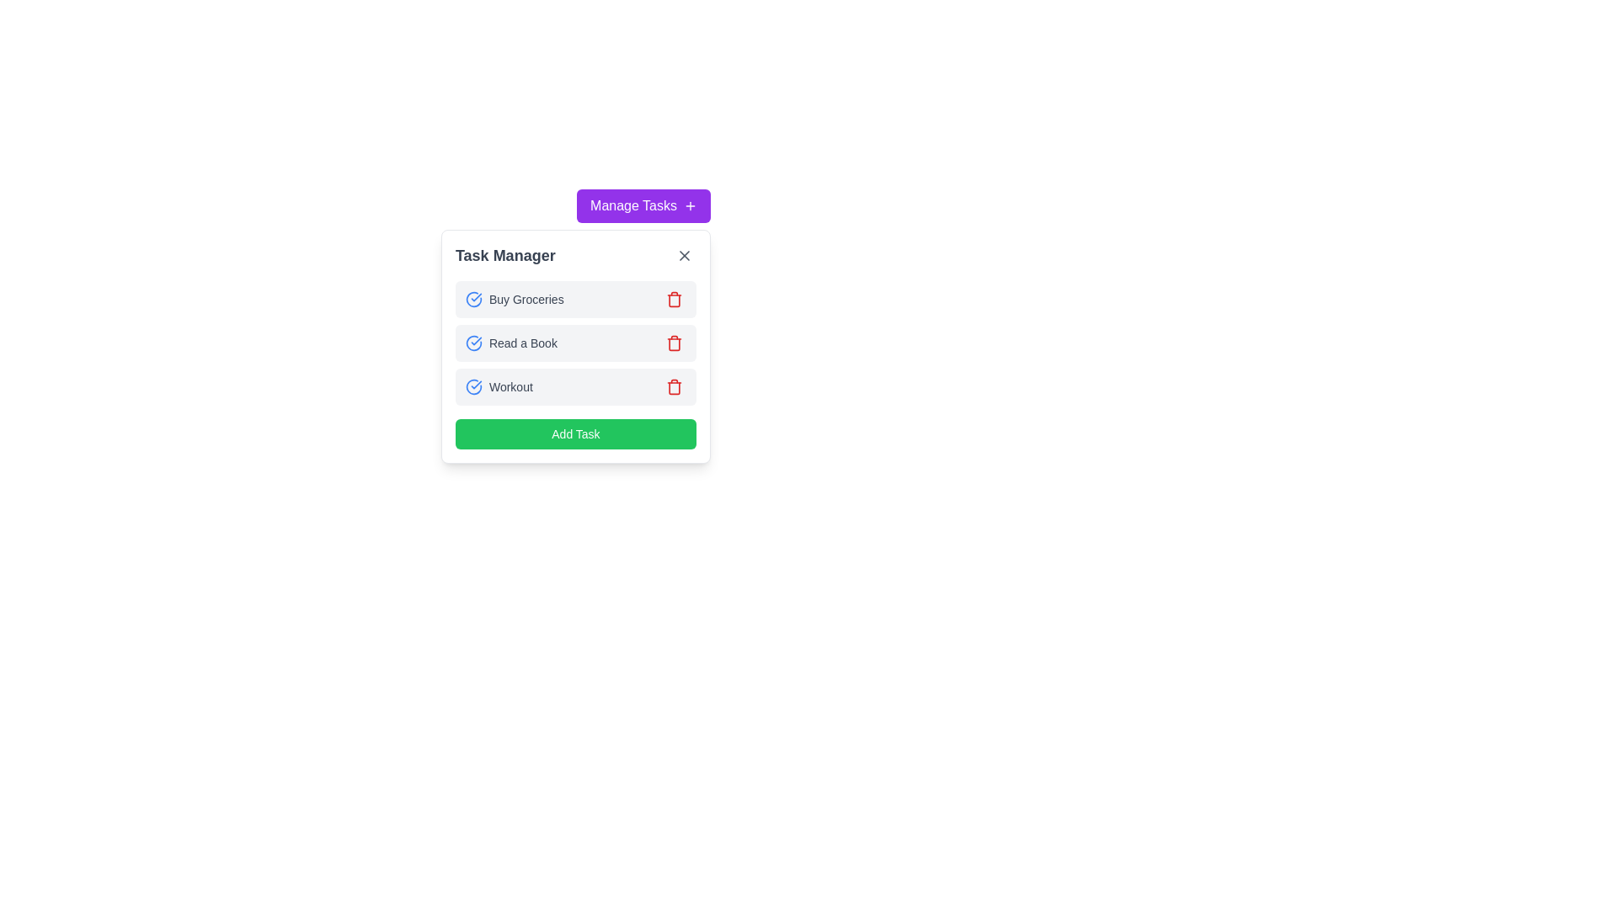 The height and width of the screenshot is (909, 1617). I want to click on the close button SVG icon in the upper-right corner of the Task Manager panel, so click(684, 256).